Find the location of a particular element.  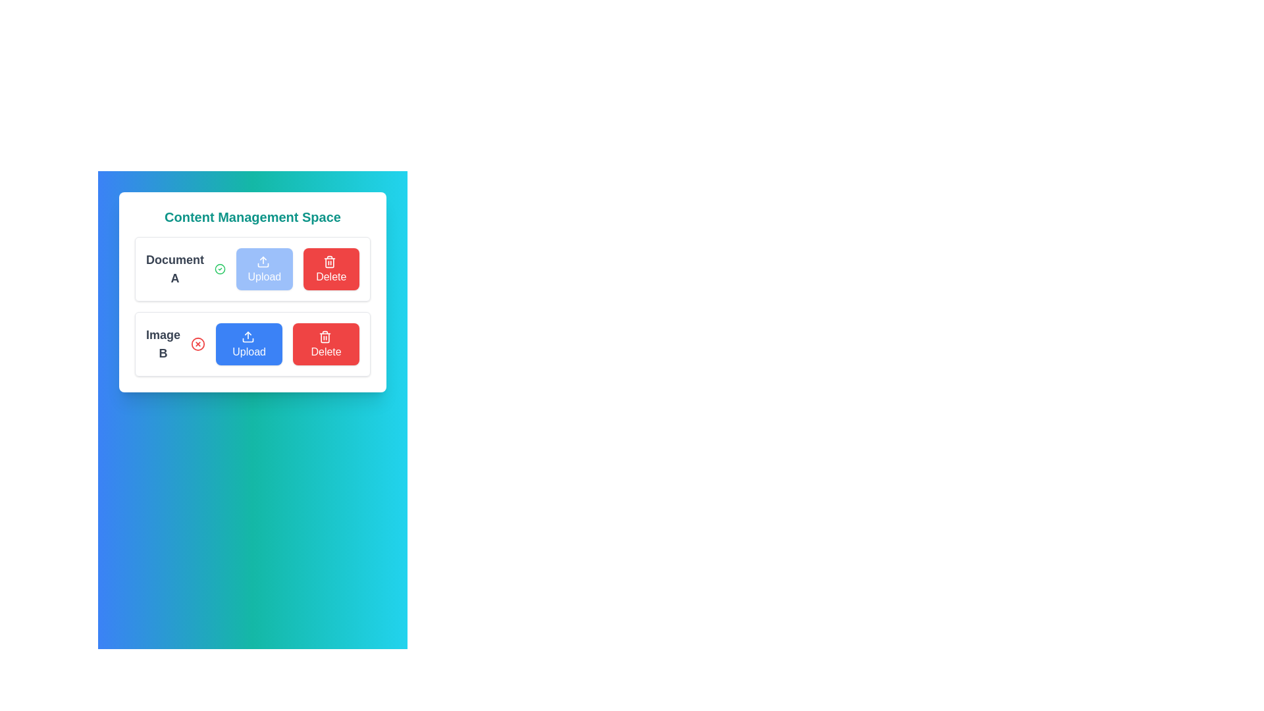

the non-interactive text label that identifies the content item as 'Document A', located in the first row of a grid layout, to the left of the green checkmark icon is located at coordinates (174, 268).